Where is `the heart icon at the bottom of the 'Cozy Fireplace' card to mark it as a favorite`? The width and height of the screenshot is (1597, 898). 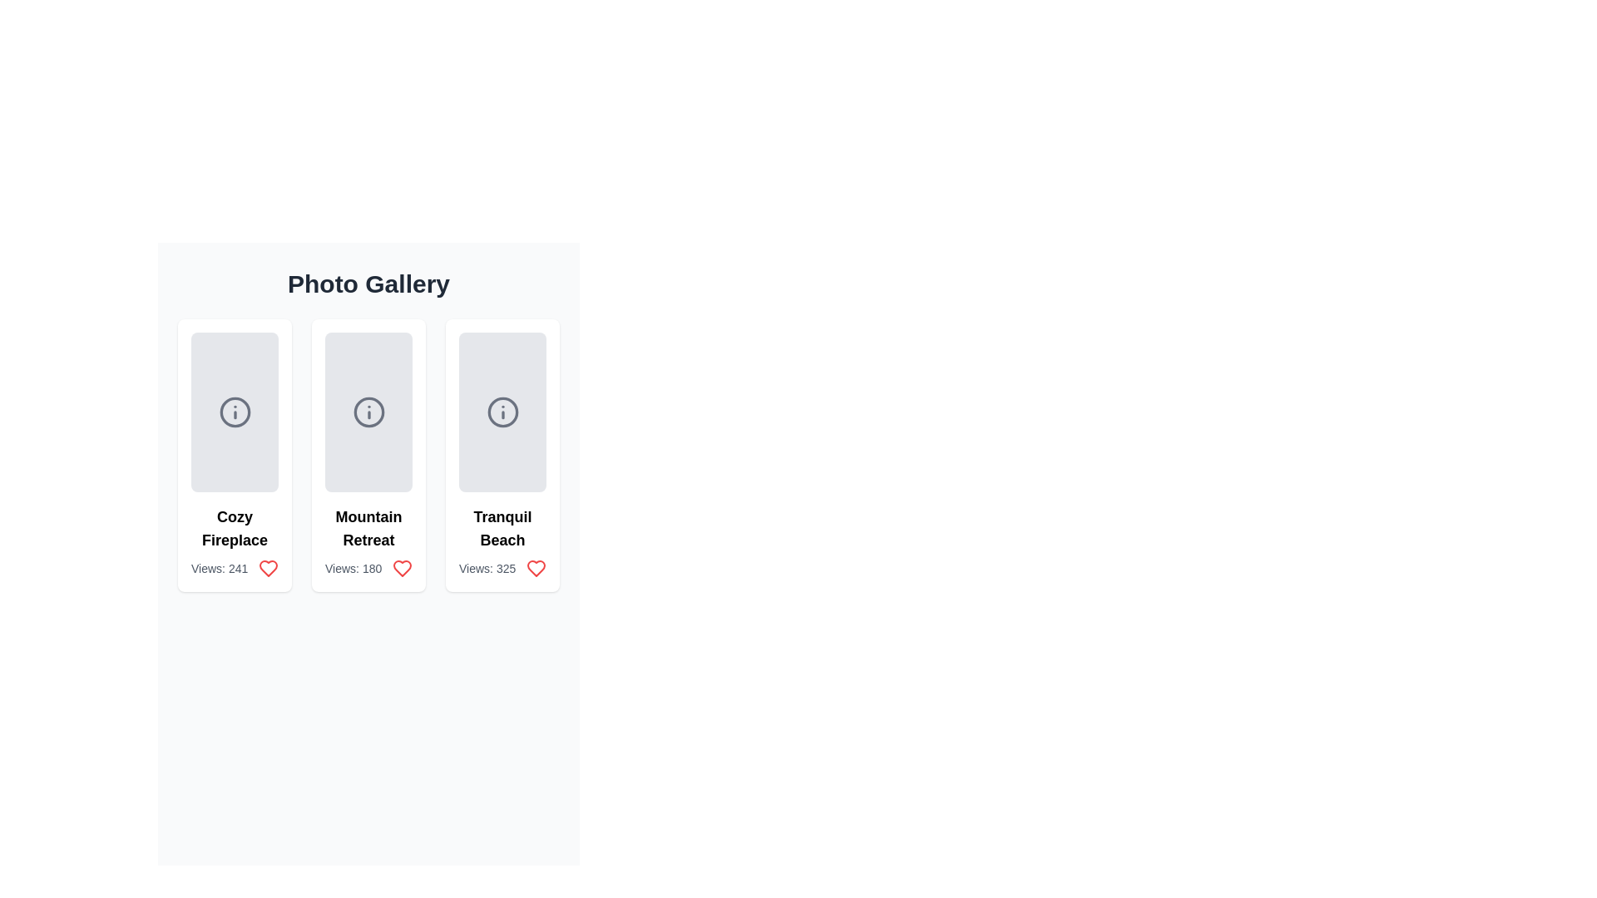
the heart icon at the bottom of the 'Cozy Fireplace' card to mark it as a favorite is located at coordinates (268, 567).